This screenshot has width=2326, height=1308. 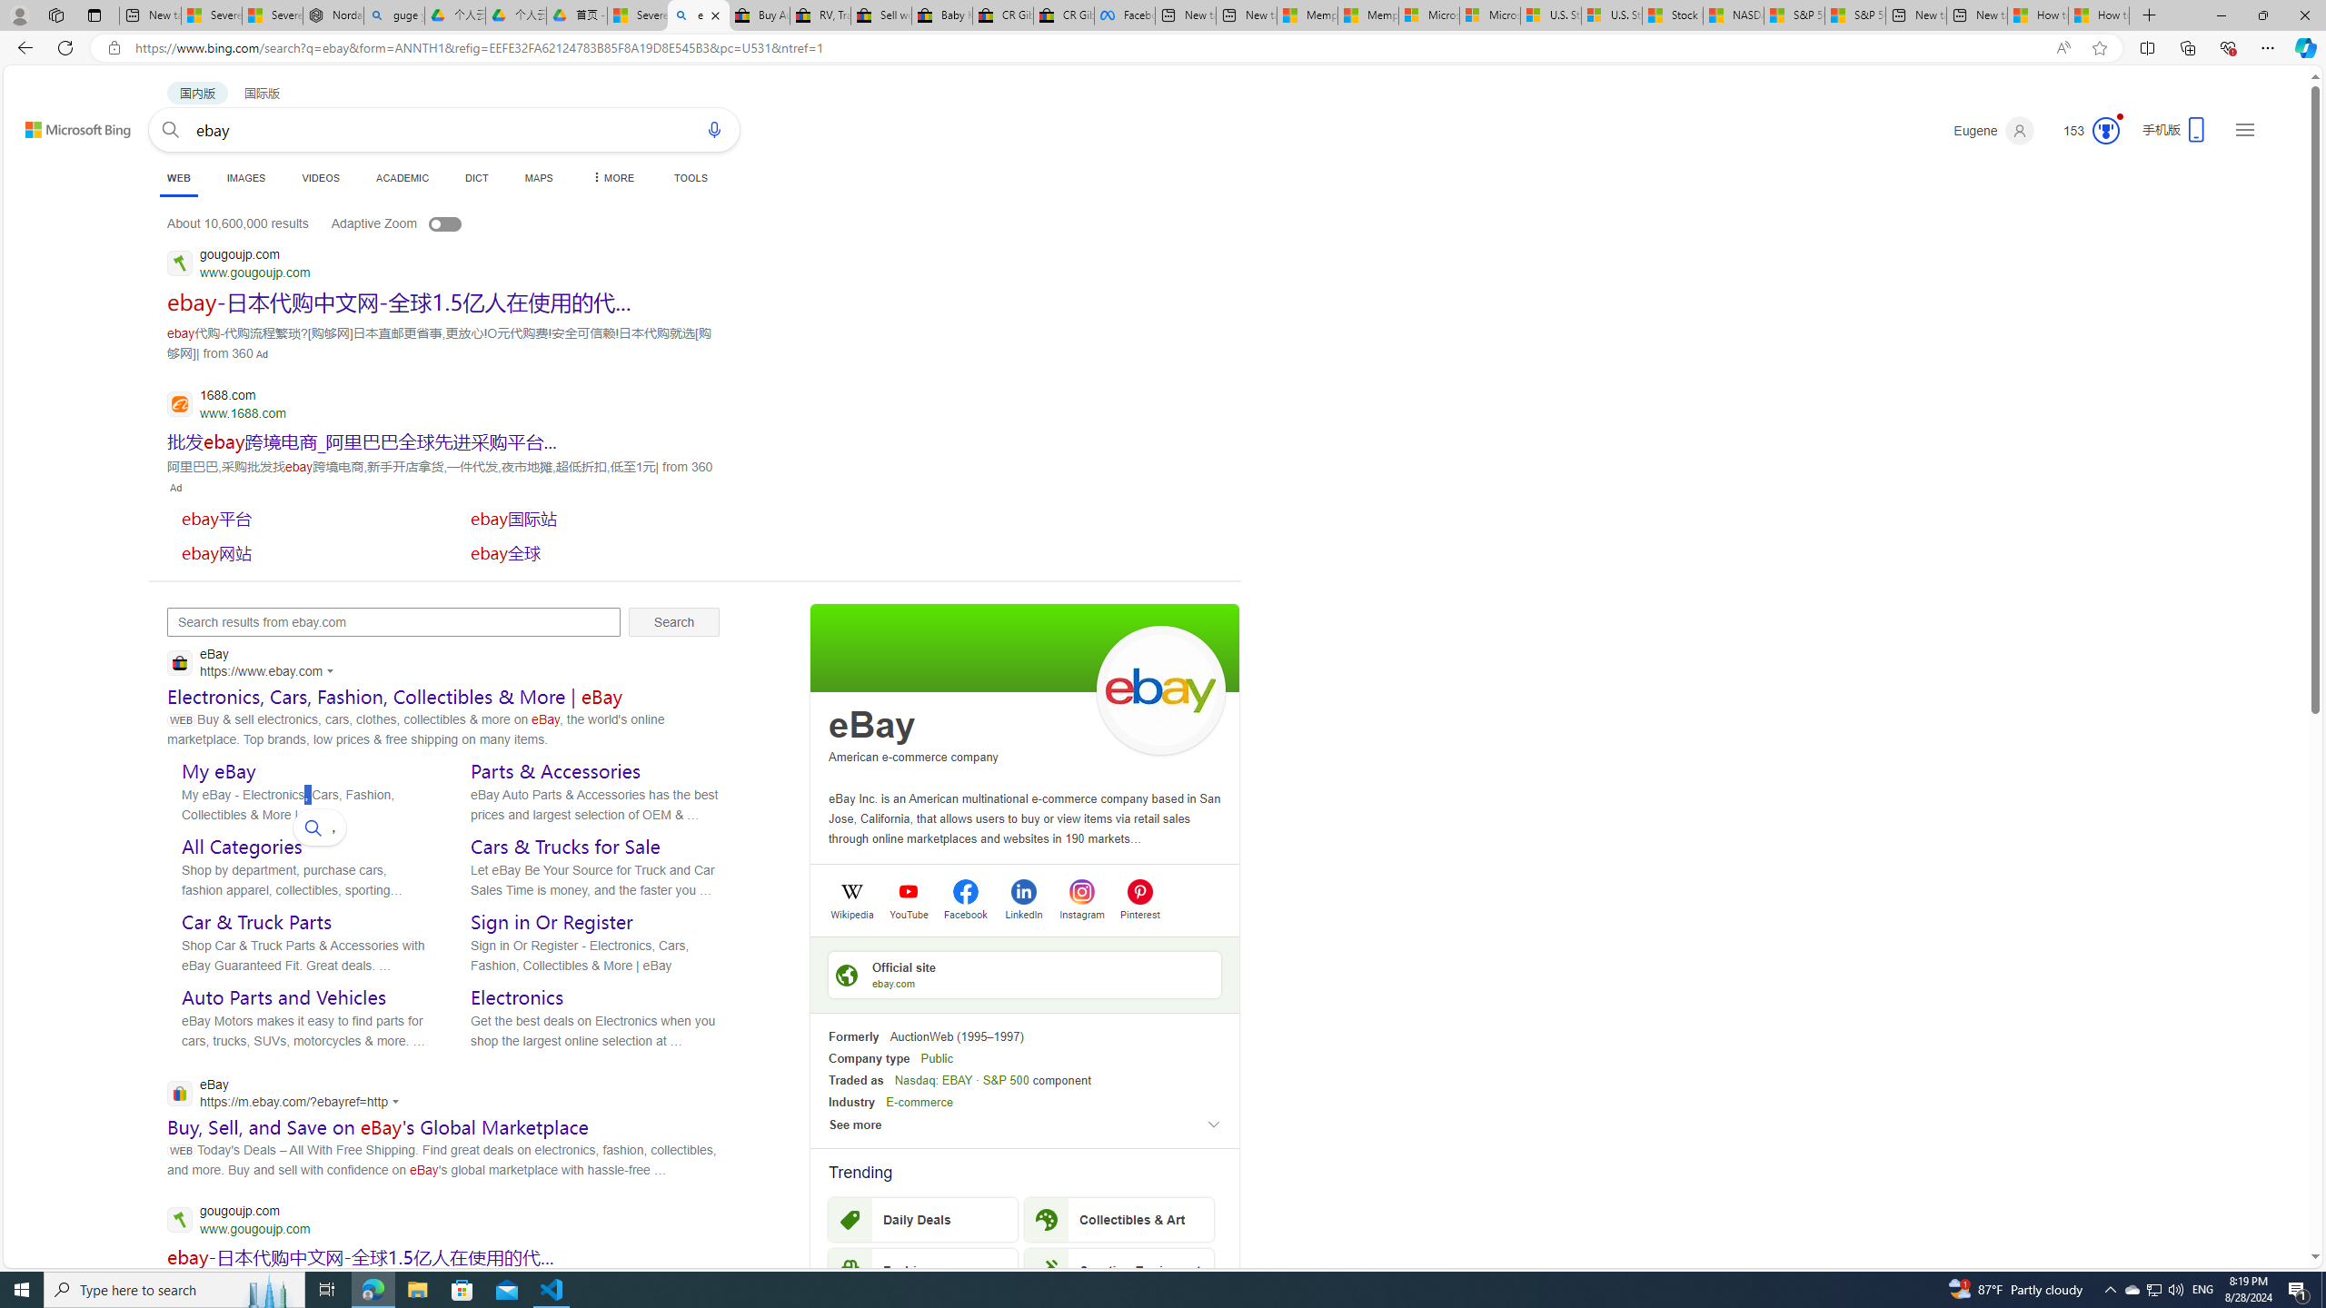 What do you see at coordinates (2244, 128) in the screenshot?
I see `'Settings and quick links'` at bounding box center [2244, 128].